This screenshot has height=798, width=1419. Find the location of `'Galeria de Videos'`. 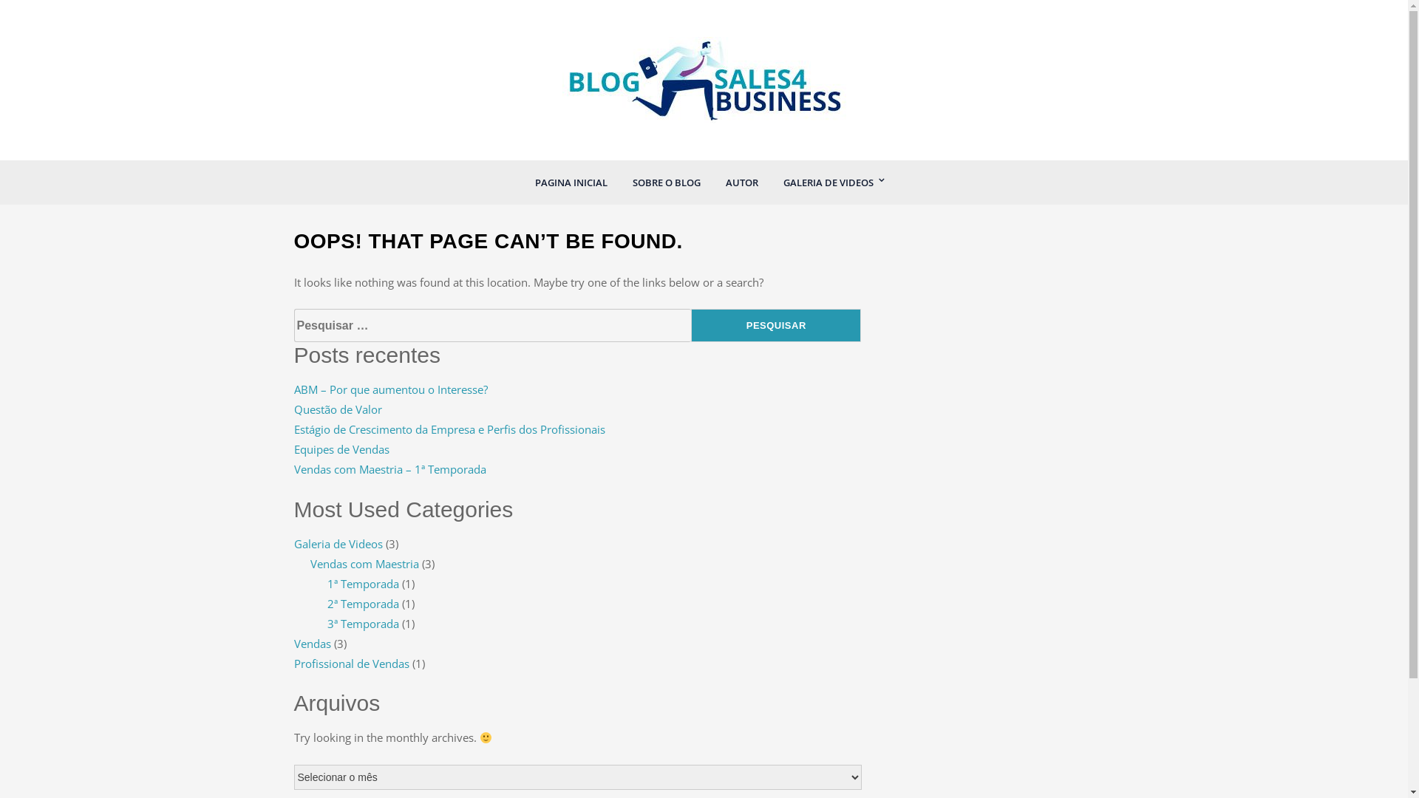

'Galeria de Videos' is located at coordinates (337, 544).